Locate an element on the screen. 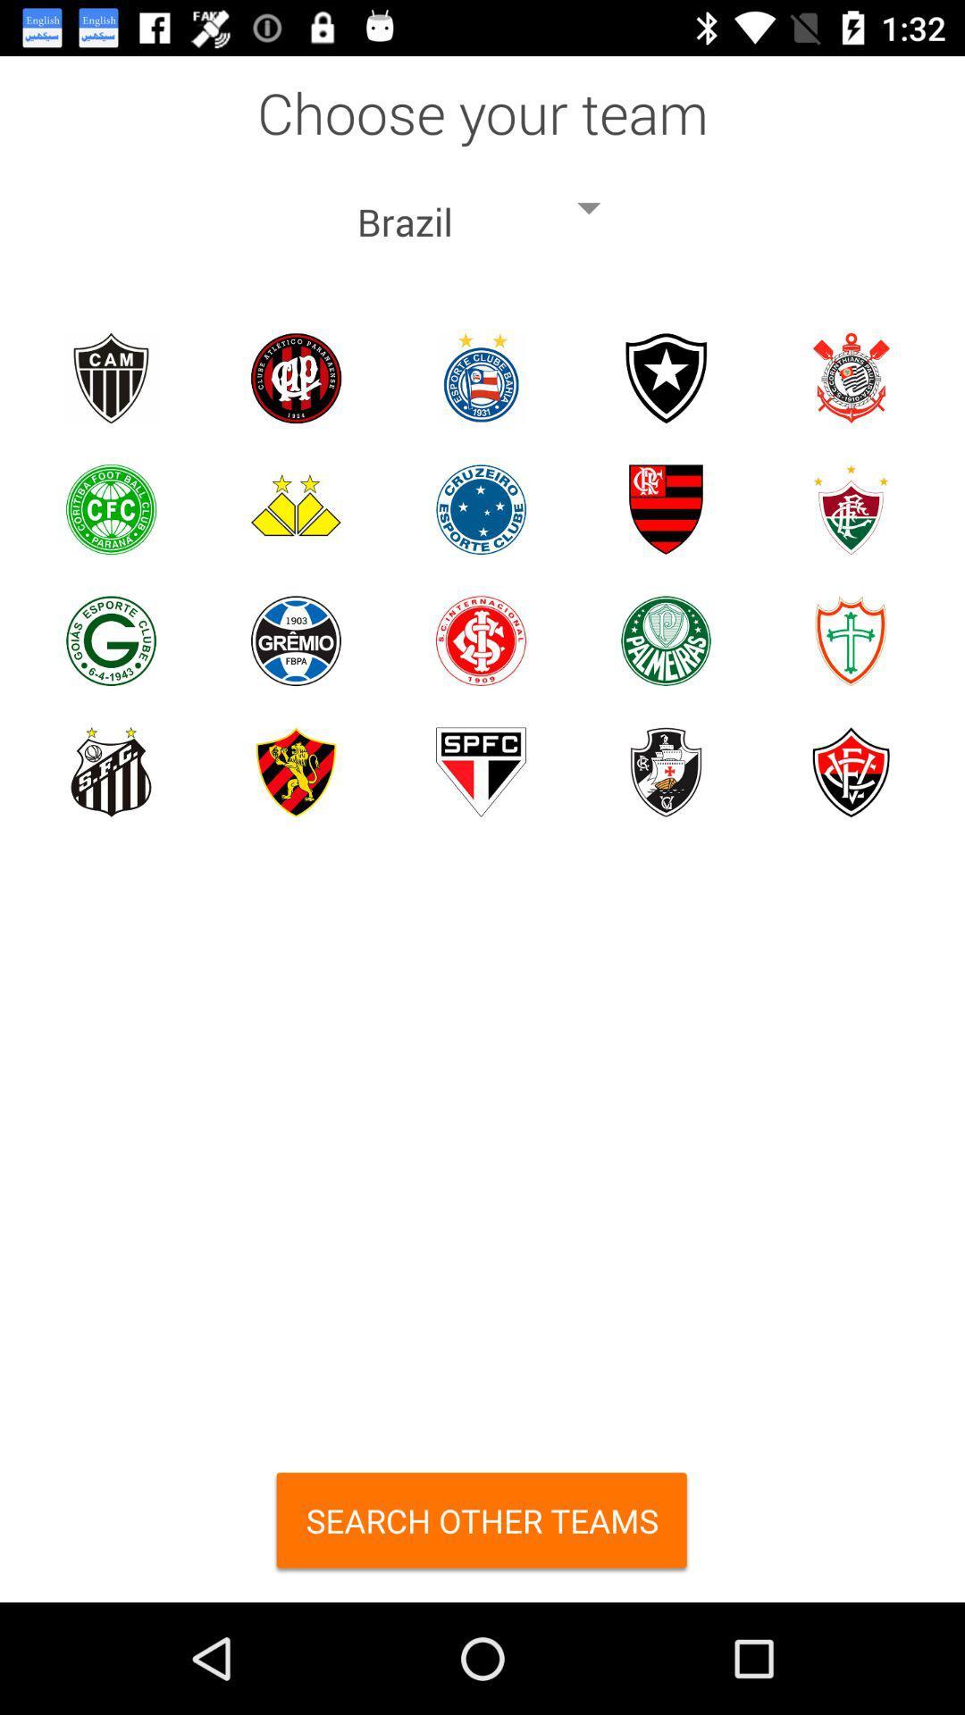  the user team is located at coordinates (111, 640).